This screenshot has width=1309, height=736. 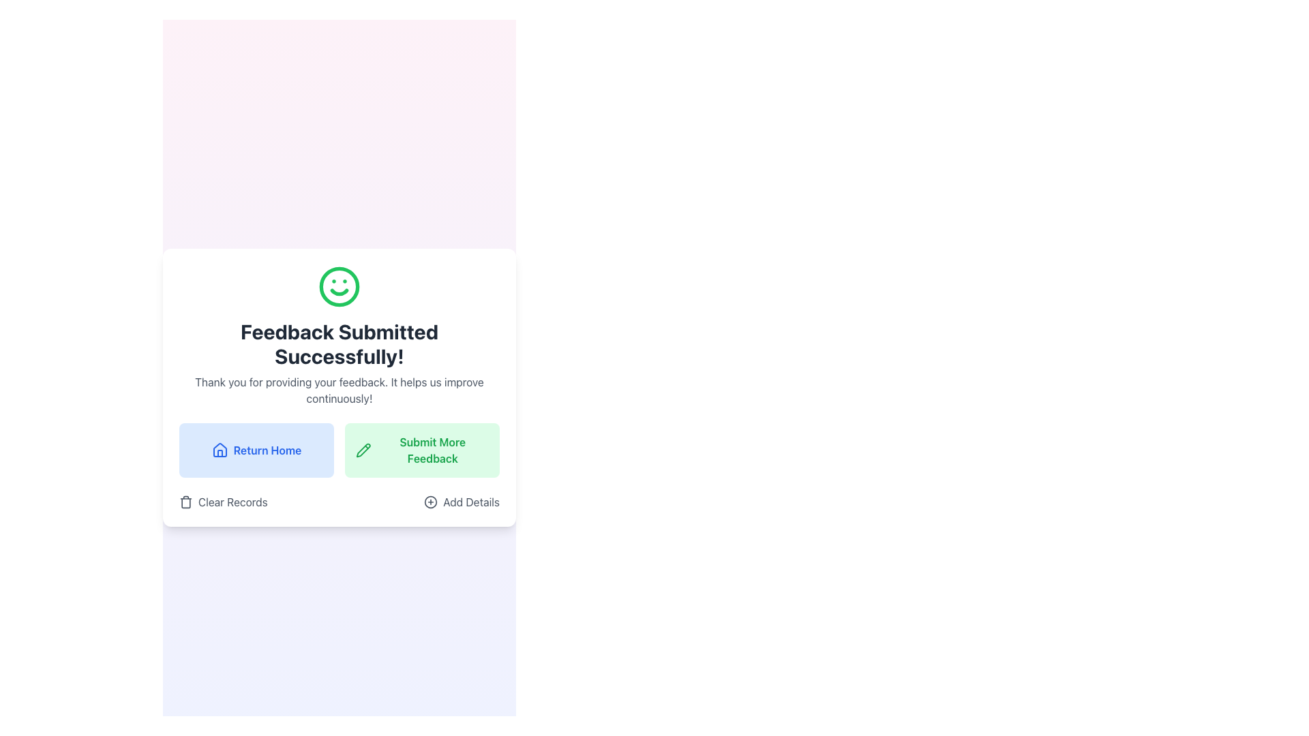 What do you see at coordinates (340, 286) in the screenshot?
I see `the decorative SVG Circle component of the smiley face graphic located at the top-middle area of the modal, above the title 'Feedback Submitted Successfully!'` at bounding box center [340, 286].